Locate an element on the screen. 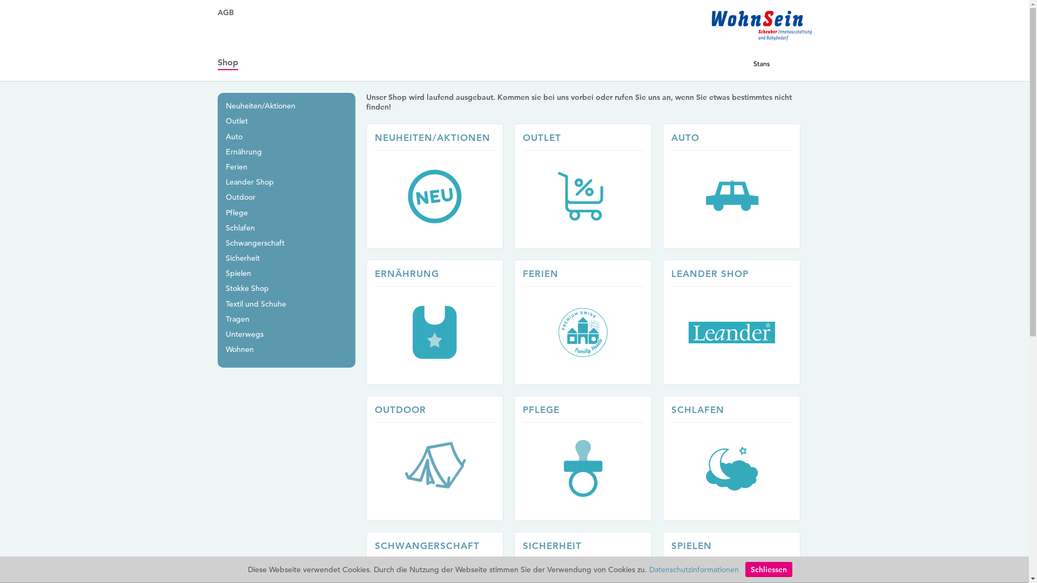 The image size is (1037, 583). 'SCHWANGERSCHAFT' is located at coordinates (427, 545).